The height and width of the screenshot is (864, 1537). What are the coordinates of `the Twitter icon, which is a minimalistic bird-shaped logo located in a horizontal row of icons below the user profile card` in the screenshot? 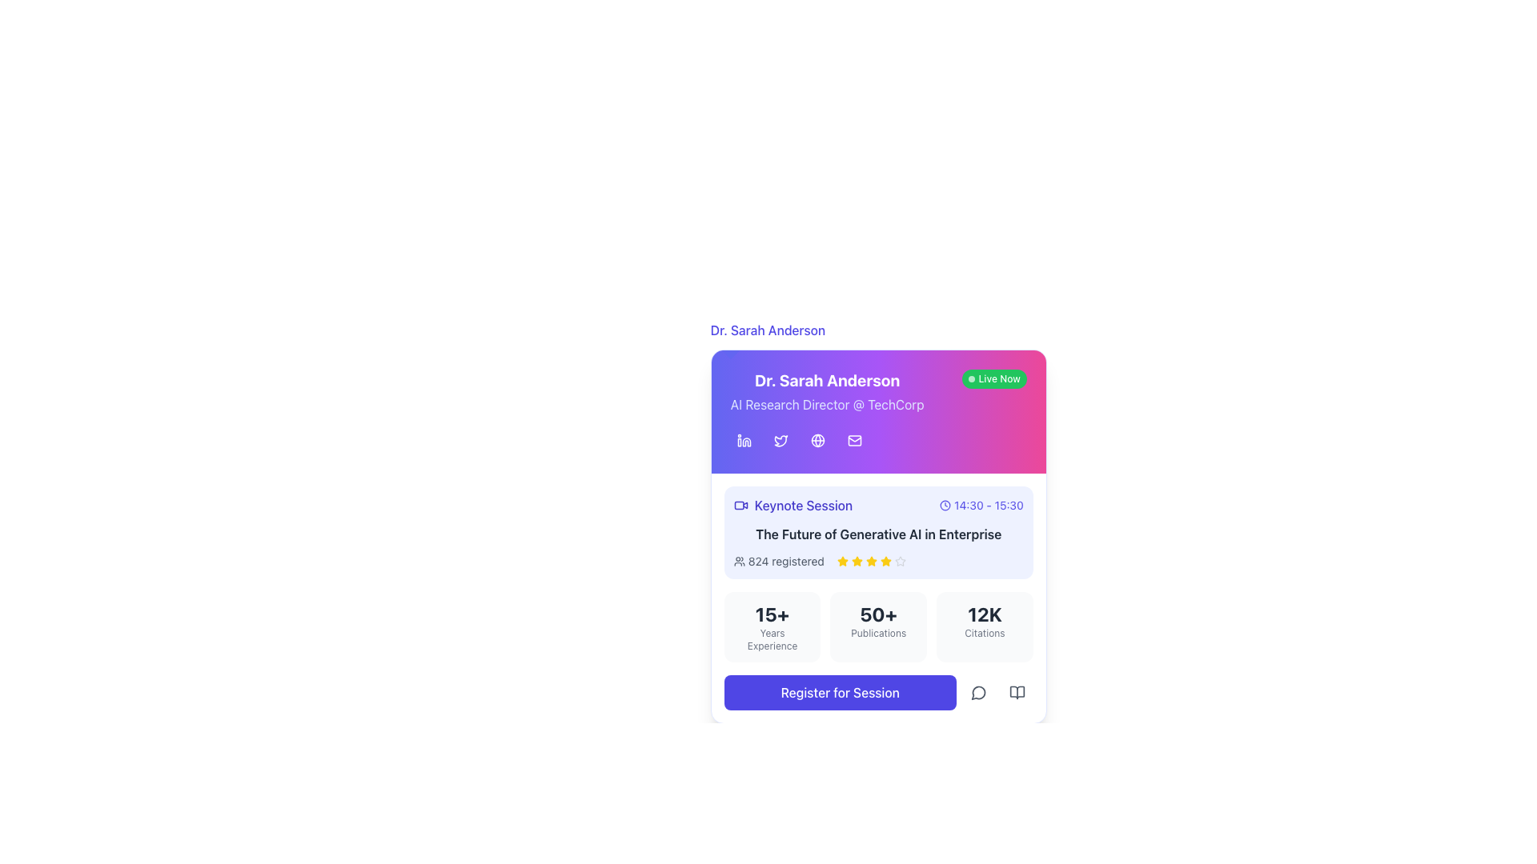 It's located at (781, 441).